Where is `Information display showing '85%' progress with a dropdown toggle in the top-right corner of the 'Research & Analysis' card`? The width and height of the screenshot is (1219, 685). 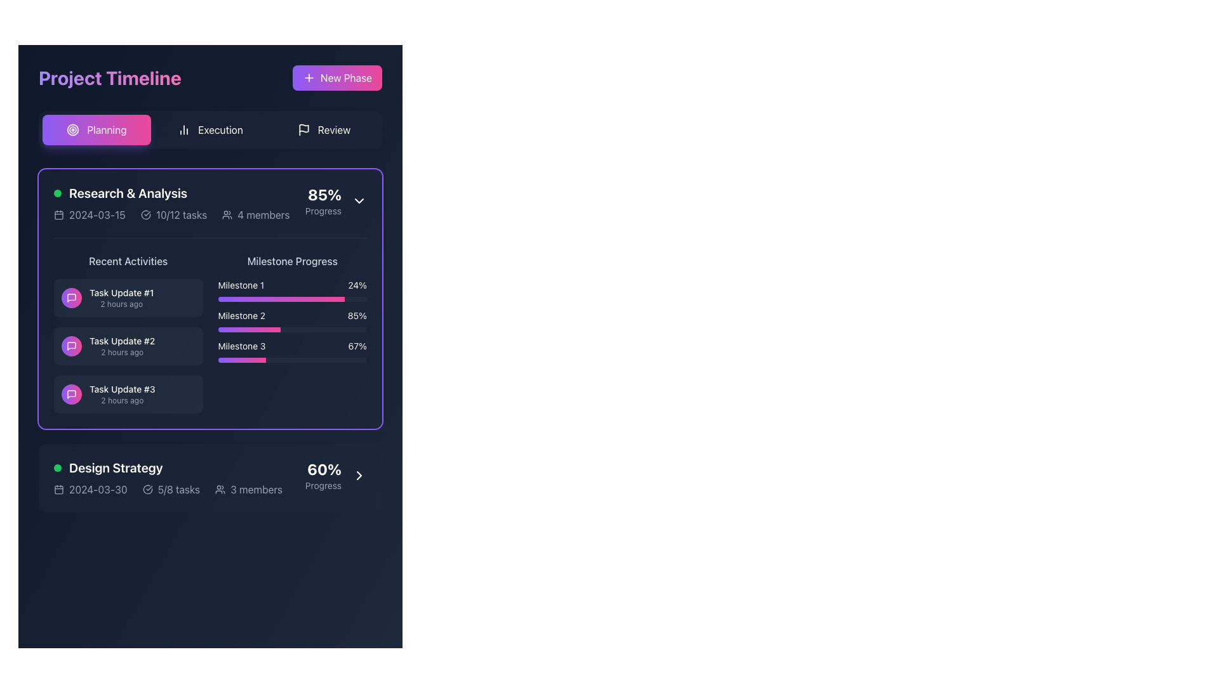
Information display showing '85%' progress with a dropdown toggle in the top-right corner of the 'Research & Analysis' card is located at coordinates (336, 200).